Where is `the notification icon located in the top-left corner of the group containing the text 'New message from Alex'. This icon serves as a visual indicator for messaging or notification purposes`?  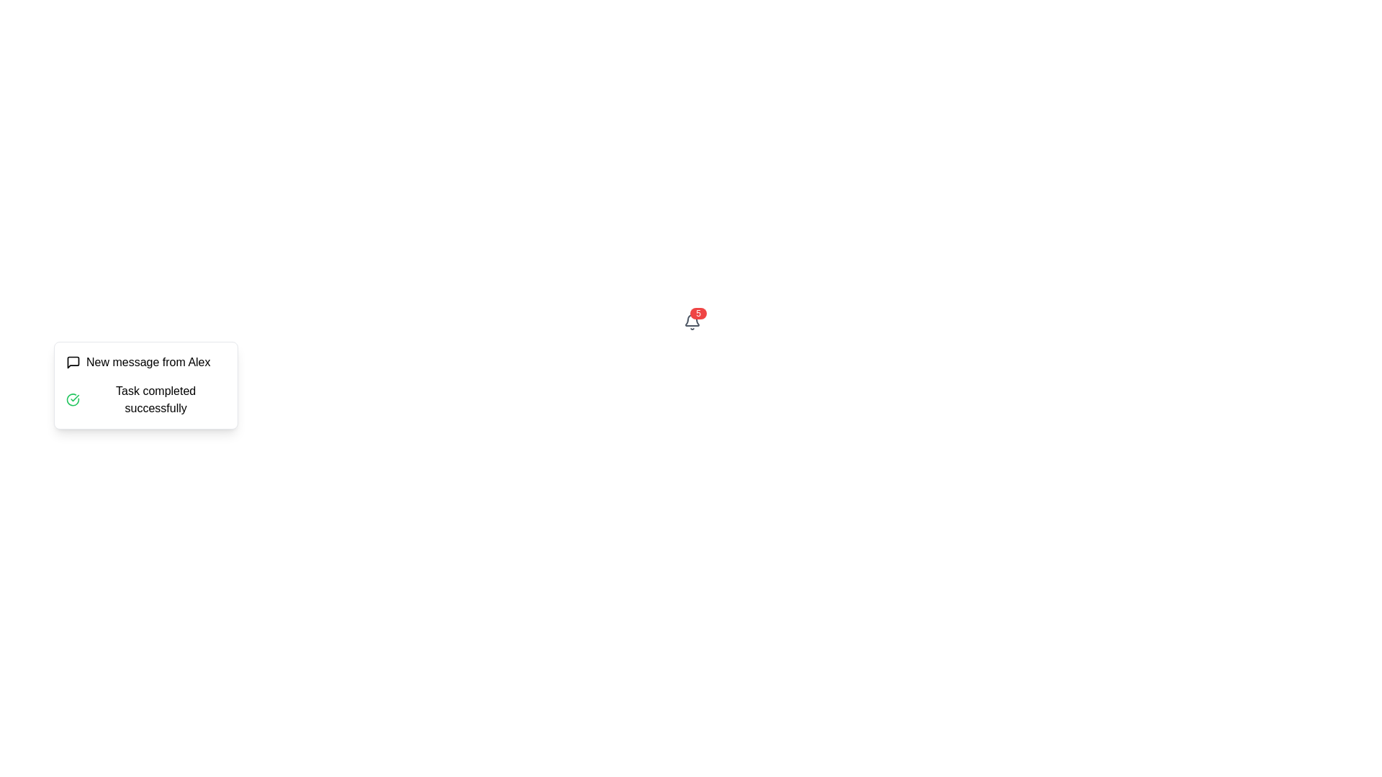
the notification icon located in the top-left corner of the group containing the text 'New message from Alex'. This icon serves as a visual indicator for messaging or notification purposes is located at coordinates (72, 362).